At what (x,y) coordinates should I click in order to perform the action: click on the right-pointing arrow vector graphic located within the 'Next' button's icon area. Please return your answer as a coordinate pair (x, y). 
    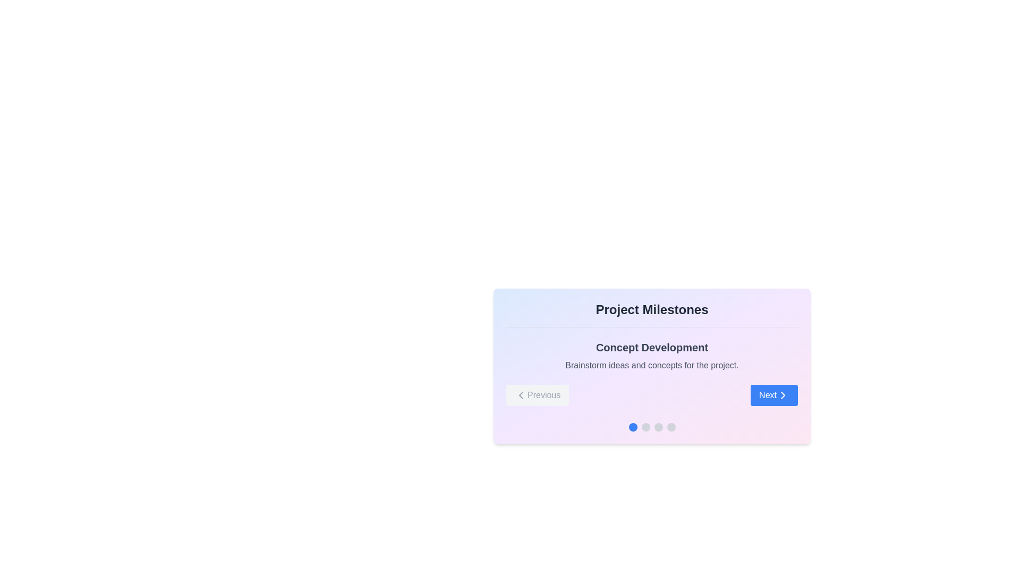
    Looking at the image, I should click on (783, 395).